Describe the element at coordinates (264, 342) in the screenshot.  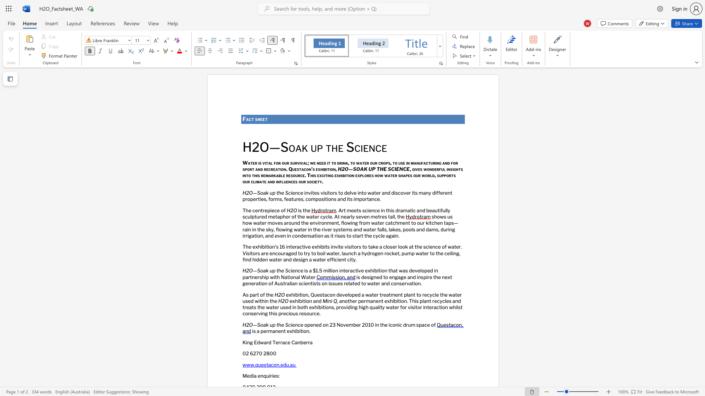
I see `the subset text "ar" within the text "King Edward Terrace Canberra"` at that location.